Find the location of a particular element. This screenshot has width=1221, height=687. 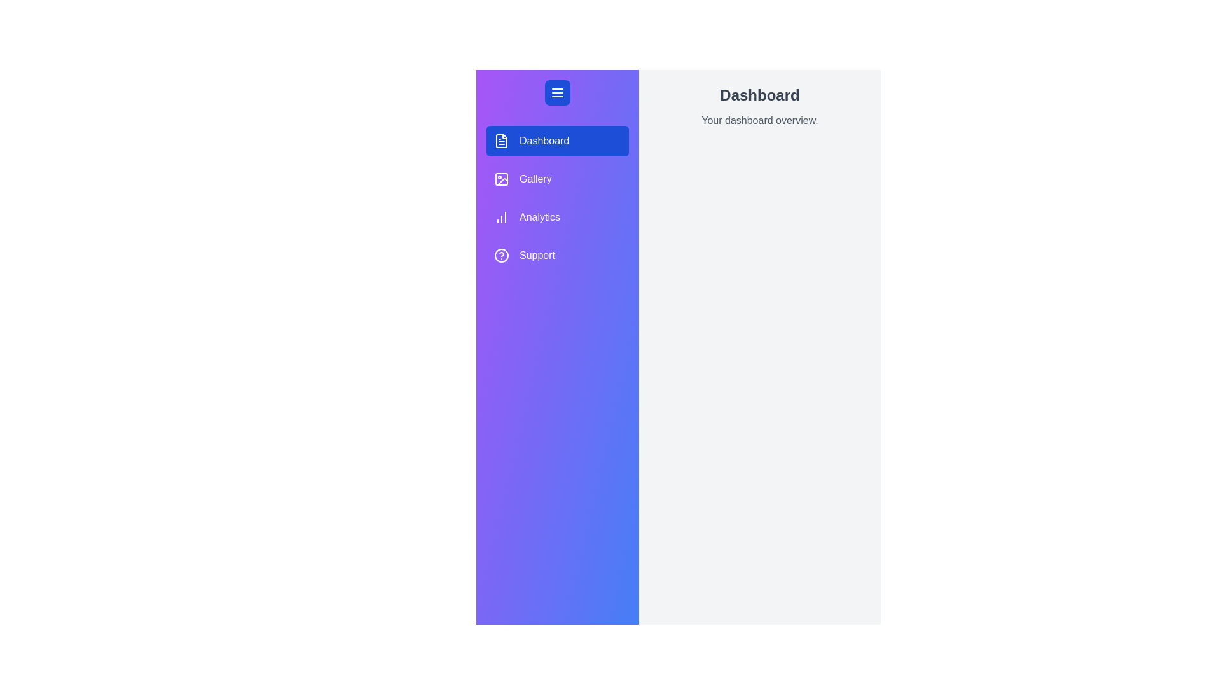

the menu item labeled 'Gallery' to highlight it is located at coordinates (558, 179).